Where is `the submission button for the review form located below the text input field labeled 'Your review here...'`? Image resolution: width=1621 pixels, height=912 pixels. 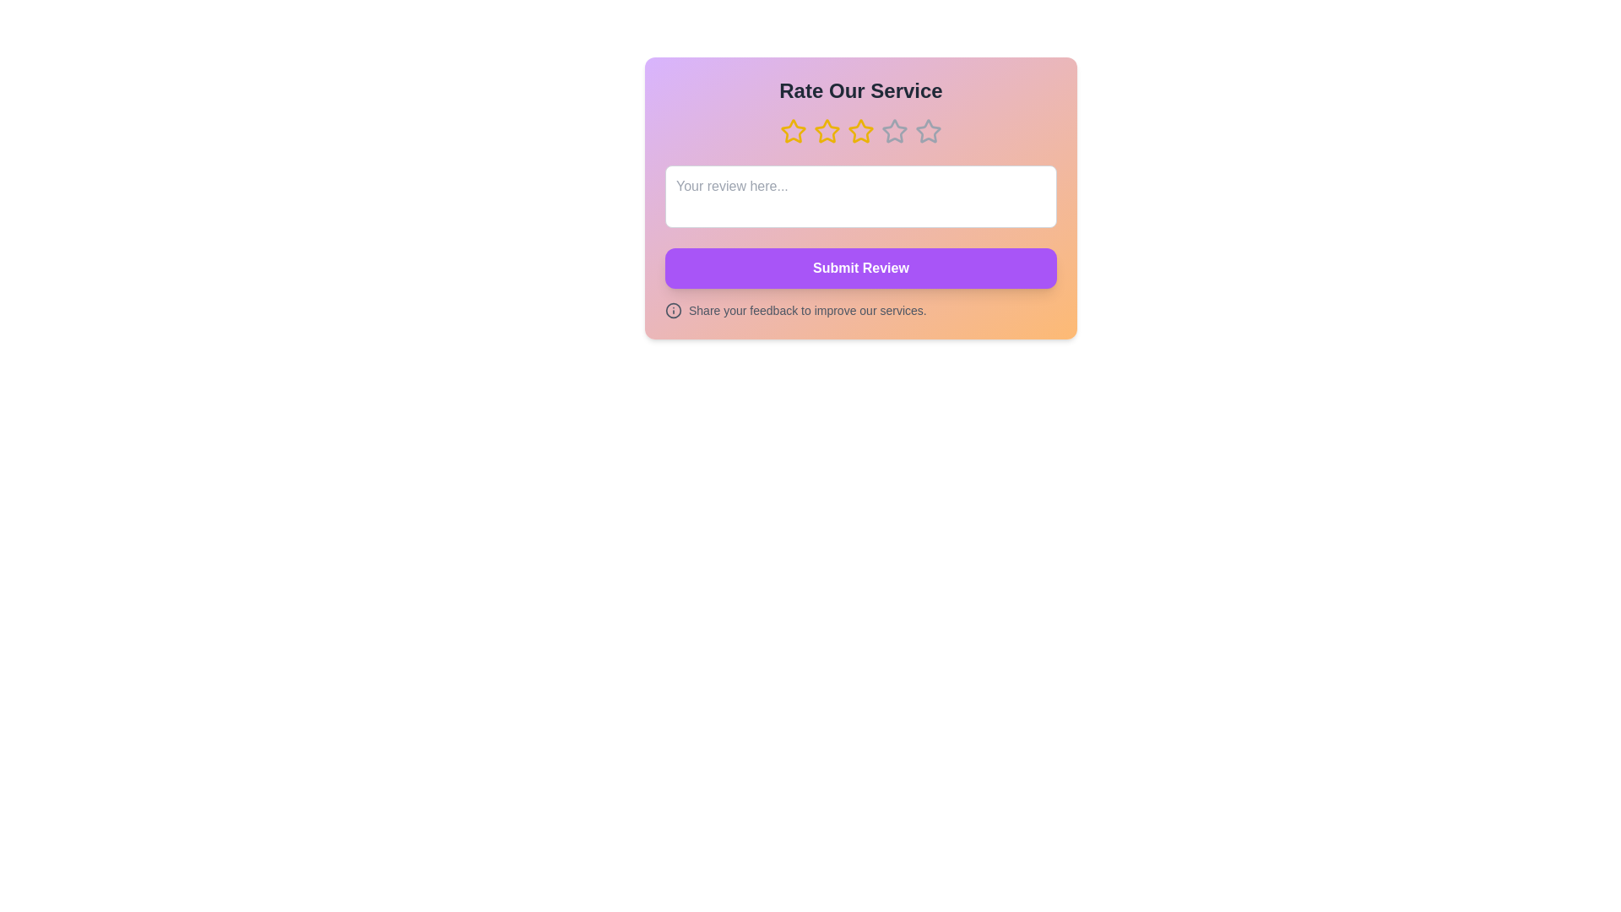 the submission button for the review form located below the text input field labeled 'Your review here...' is located at coordinates (860, 267).